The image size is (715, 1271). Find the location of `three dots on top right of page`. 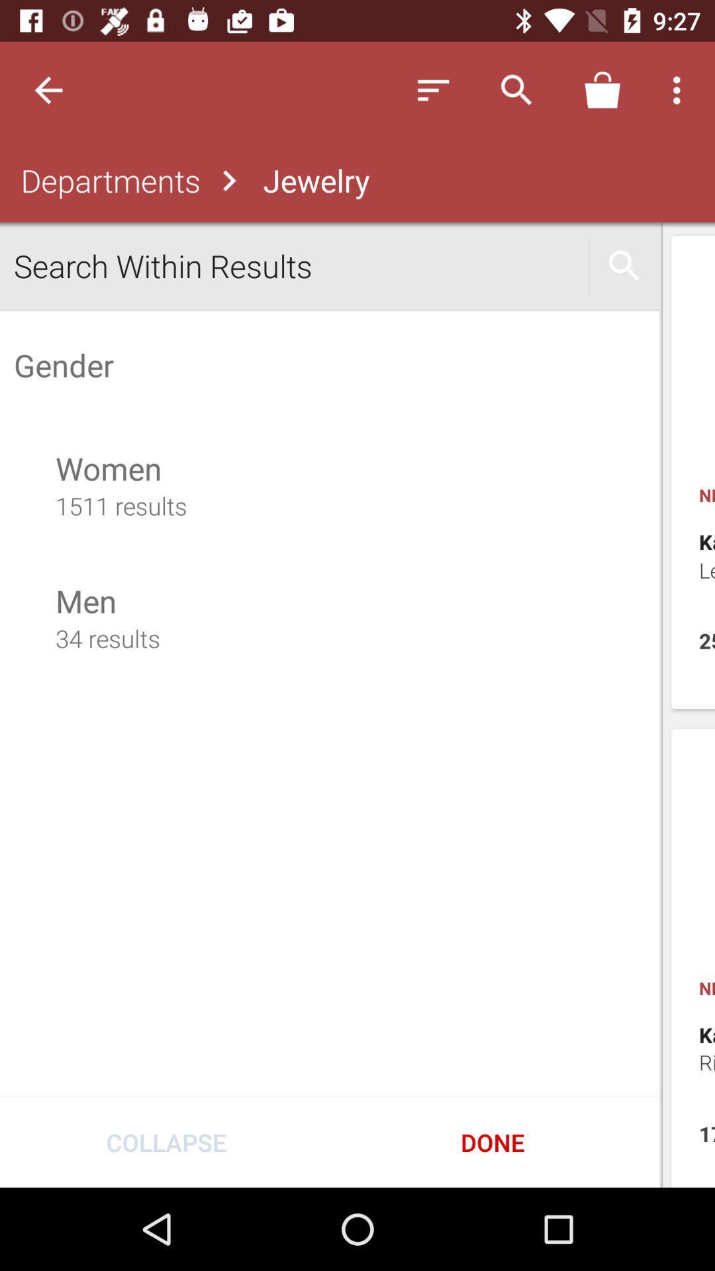

three dots on top right of page is located at coordinates (680, 90).